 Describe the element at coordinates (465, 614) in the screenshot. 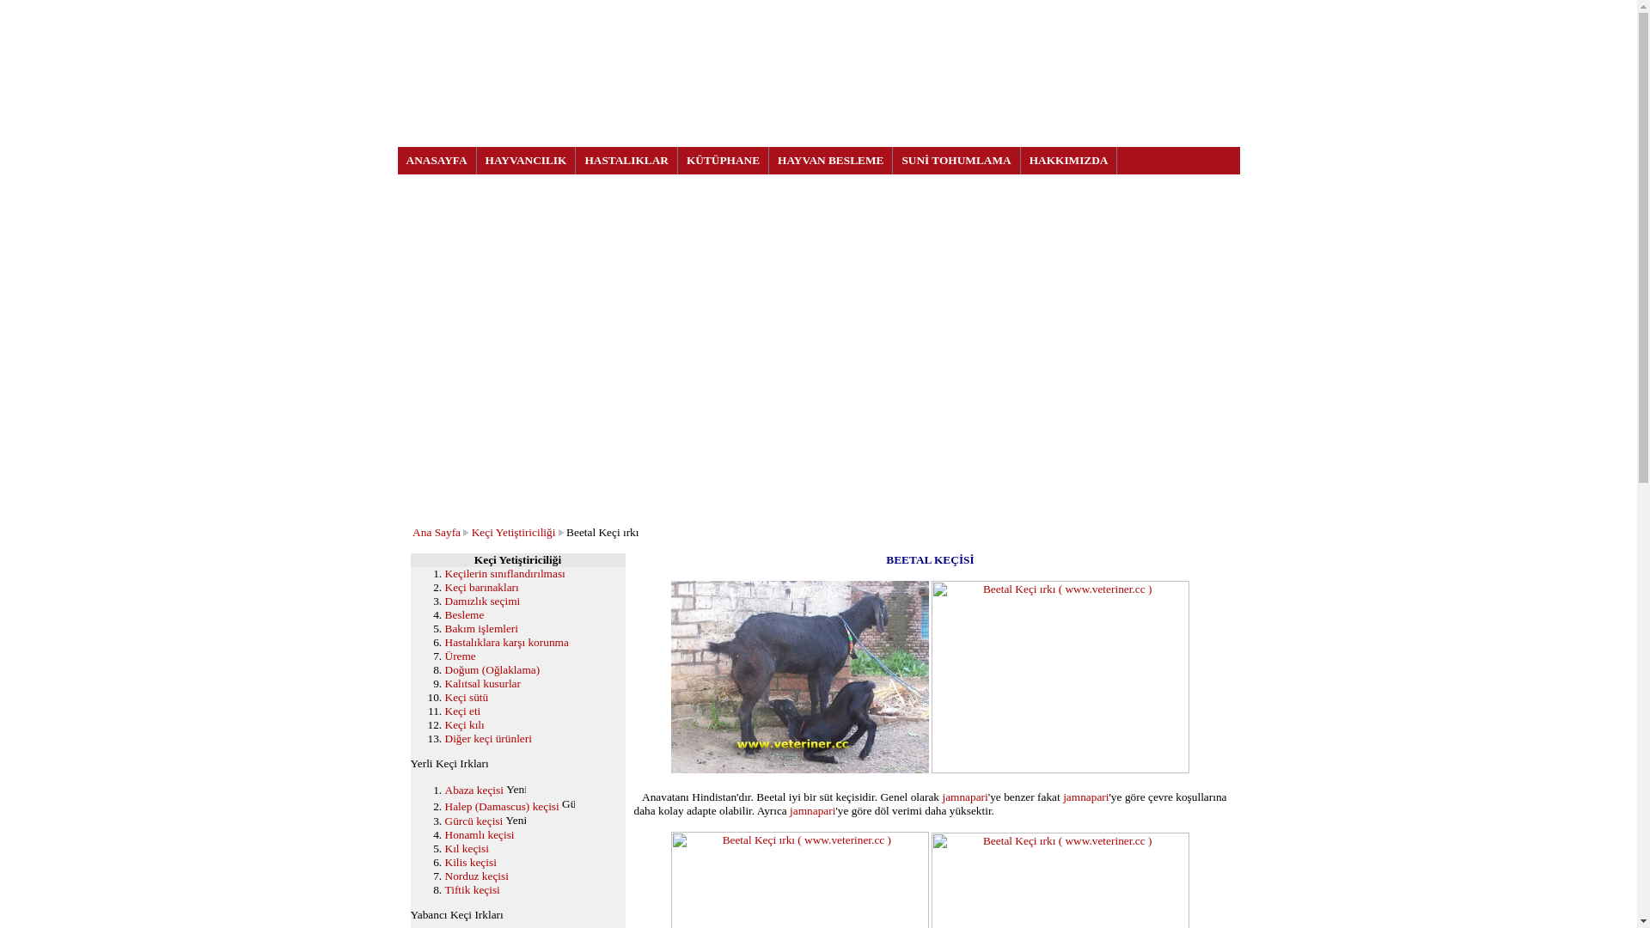

I see `'Besleme'` at that location.